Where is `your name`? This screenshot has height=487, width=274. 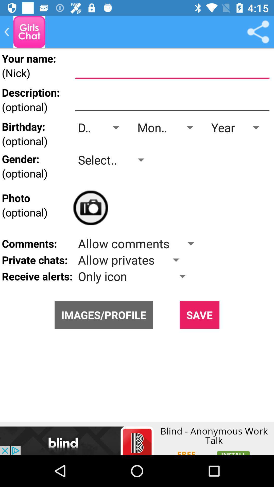 your name is located at coordinates (172, 67).